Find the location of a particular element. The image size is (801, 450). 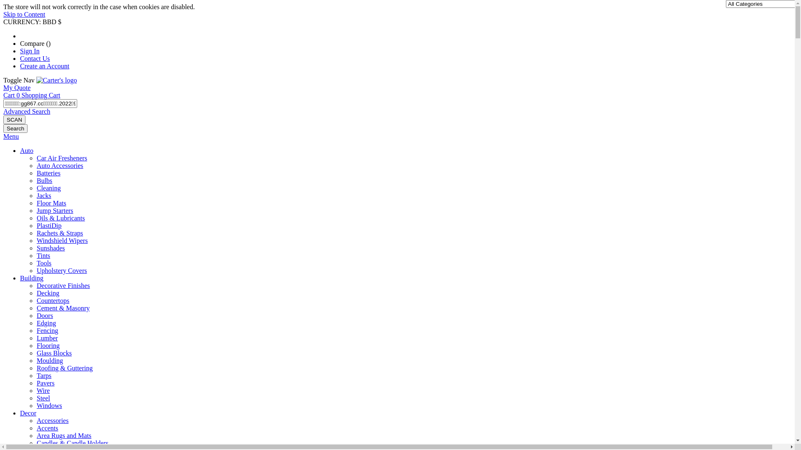

'Search' is located at coordinates (15, 128).